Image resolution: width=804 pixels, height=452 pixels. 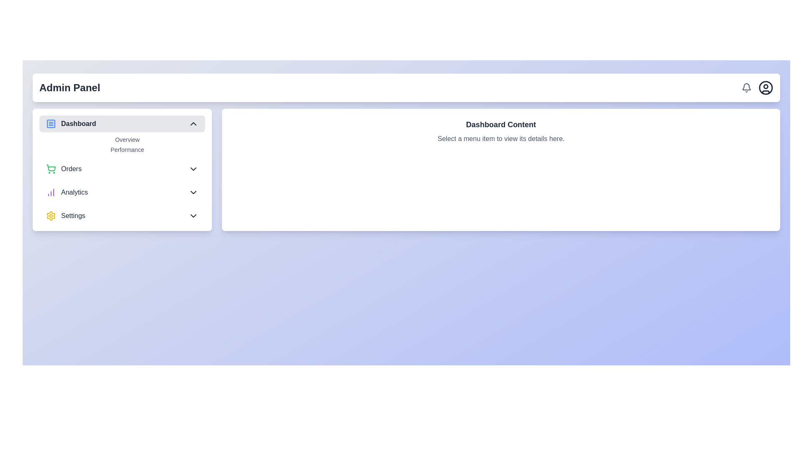 I want to click on the 'Dashboard' collapsible menu section, so click(x=122, y=134).